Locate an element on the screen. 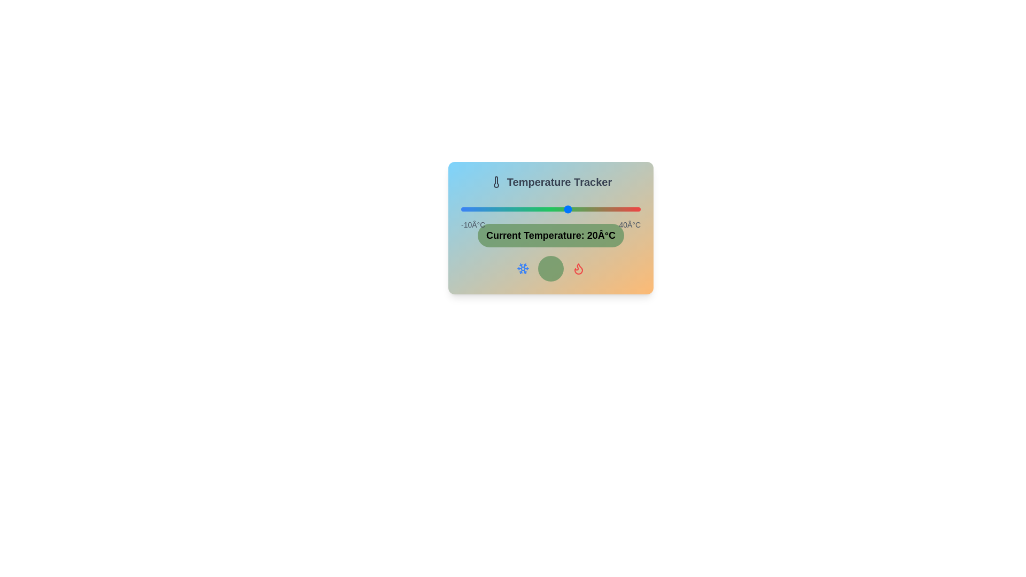 The width and height of the screenshot is (1026, 577). the temperature slider to set the temperature to 6°C is located at coordinates (518, 209).